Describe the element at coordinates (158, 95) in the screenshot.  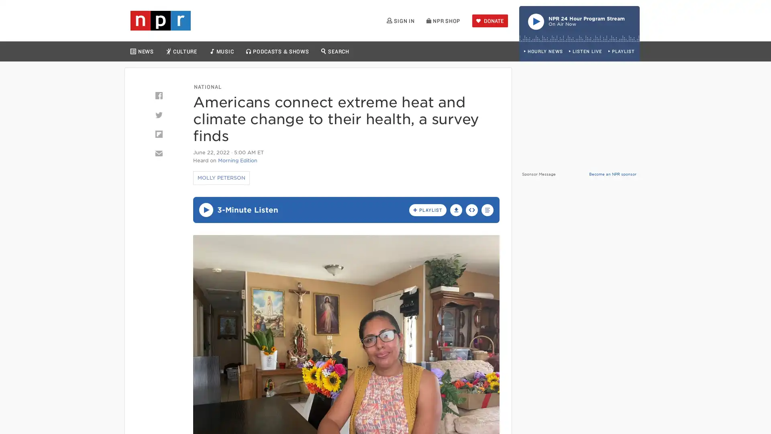
I see `Facebook` at that location.